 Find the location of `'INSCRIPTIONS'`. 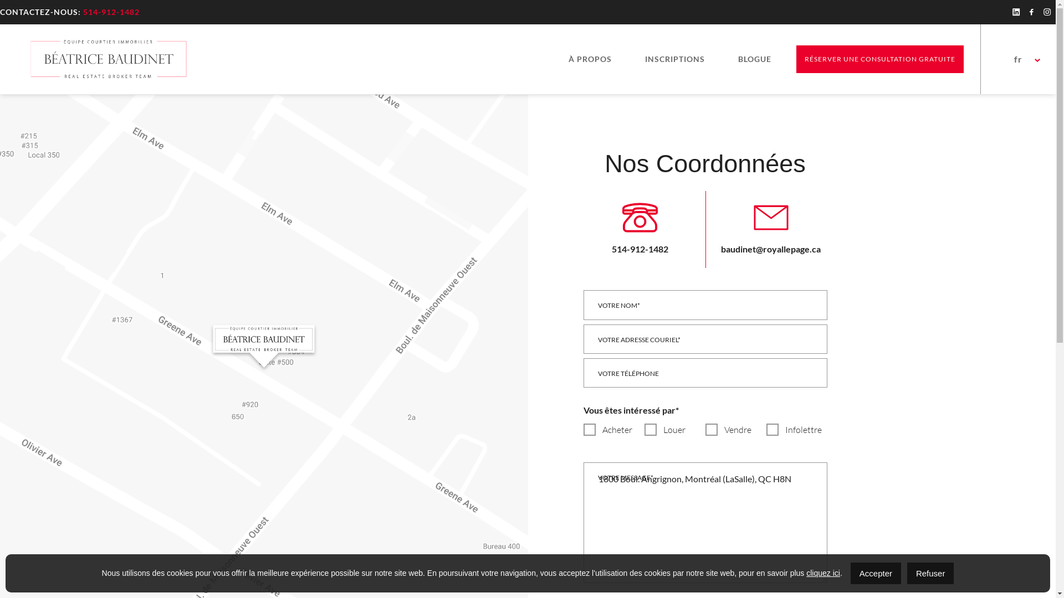

'INSCRIPTIONS' is located at coordinates (636, 59).